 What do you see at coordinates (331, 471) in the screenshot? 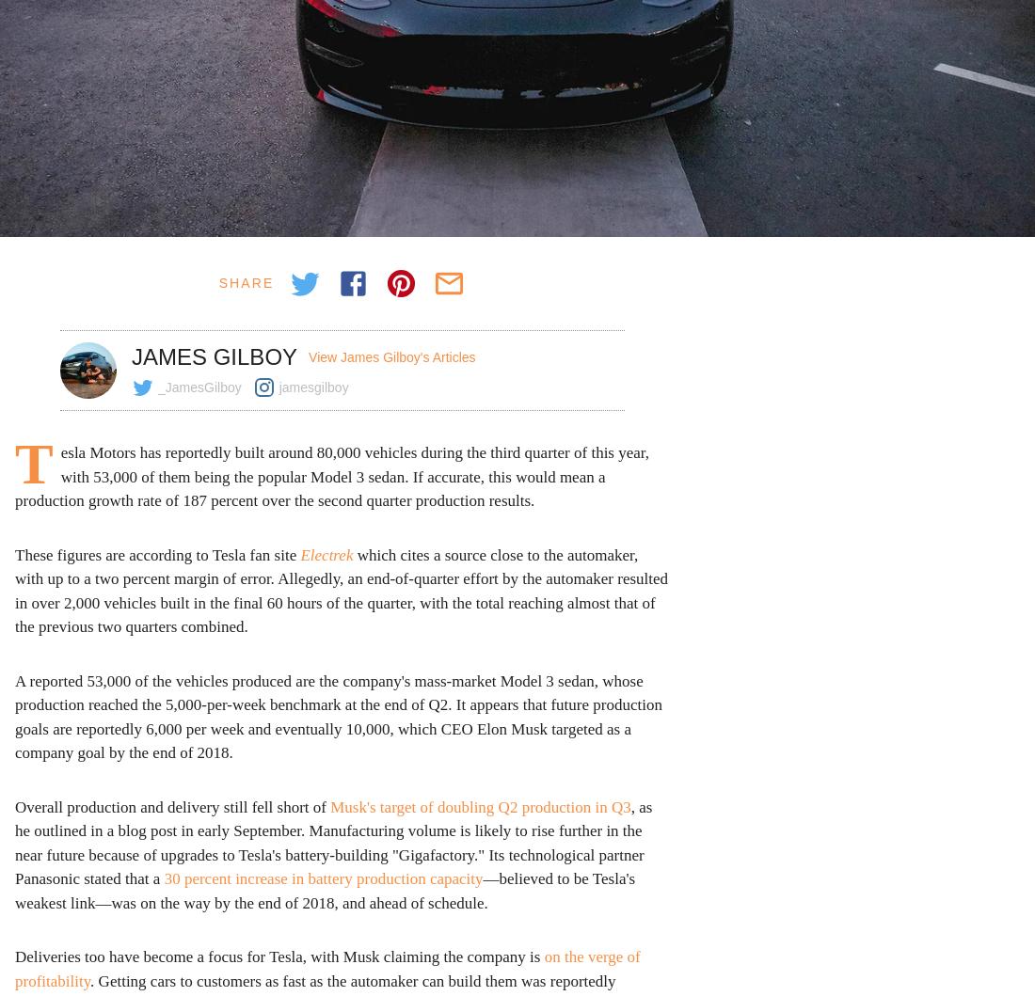
I see `'Tesla Motors has reportedly built around 80,000 vehicles during the third quarter of this year, with 53,000 of them being the popular Model 3 sedan. If accurate, this would mean a production growth rate of 187 percent over the second quarter production results.'` at bounding box center [331, 471].